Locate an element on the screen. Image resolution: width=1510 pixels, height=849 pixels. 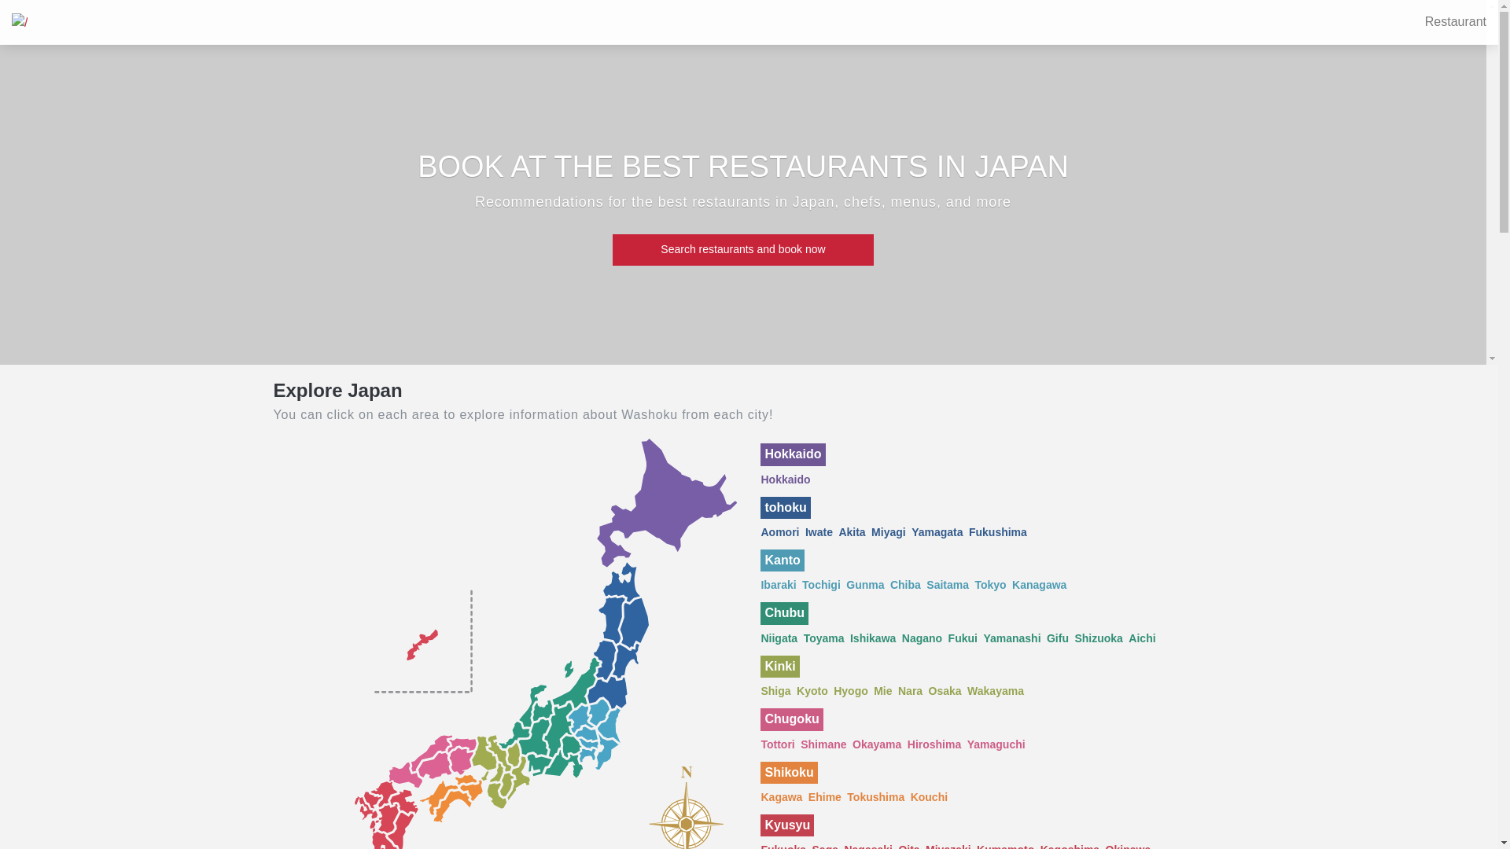
'Shimane' is located at coordinates (800, 744).